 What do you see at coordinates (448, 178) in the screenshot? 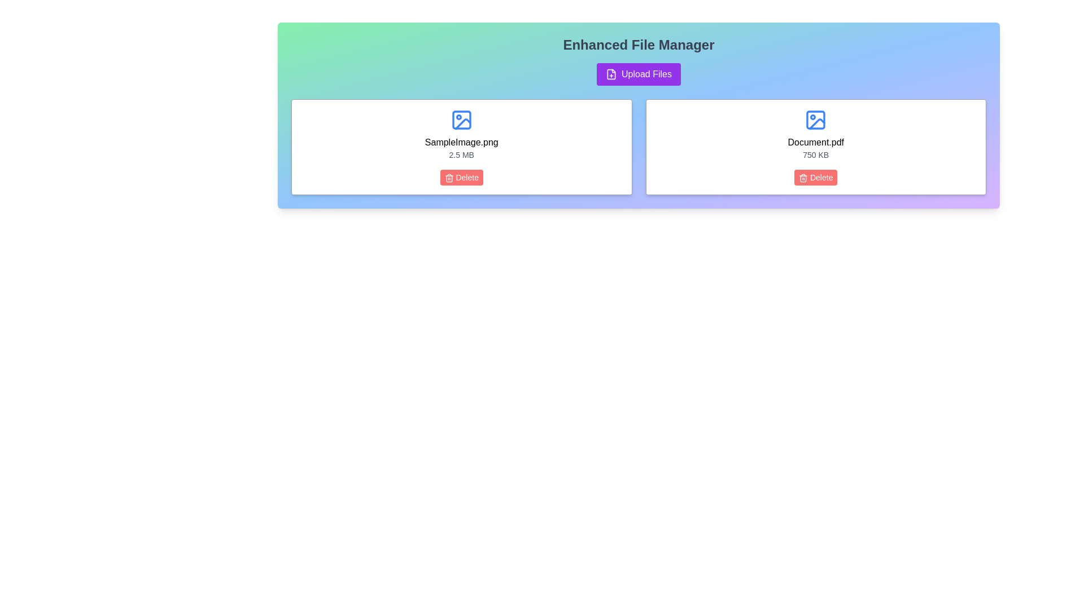
I see `the trash can icon within the 'Delete' button located below the file information card for 'SampleImage.png'` at bounding box center [448, 178].